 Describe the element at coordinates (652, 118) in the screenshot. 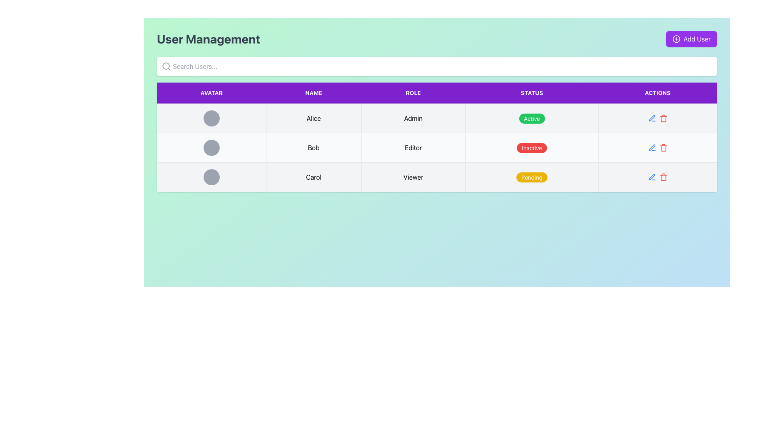

I see `the edit icon represented by a pen in the second row of the user management interface under the 'Actions' column next to the 'Inactive' status` at that location.